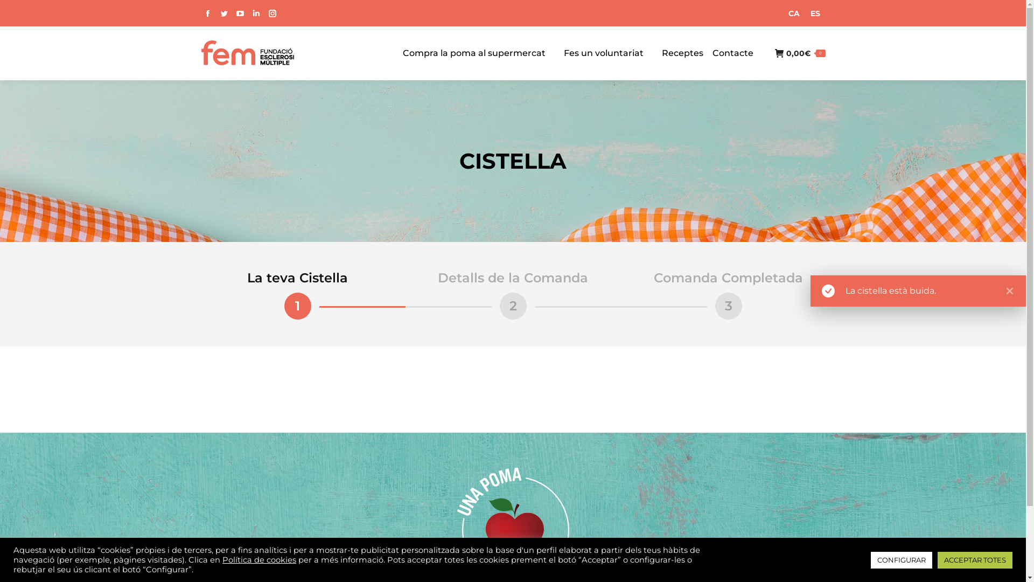 This screenshot has width=1034, height=582. Describe the element at coordinates (783, 13) in the screenshot. I see `'CA'` at that location.